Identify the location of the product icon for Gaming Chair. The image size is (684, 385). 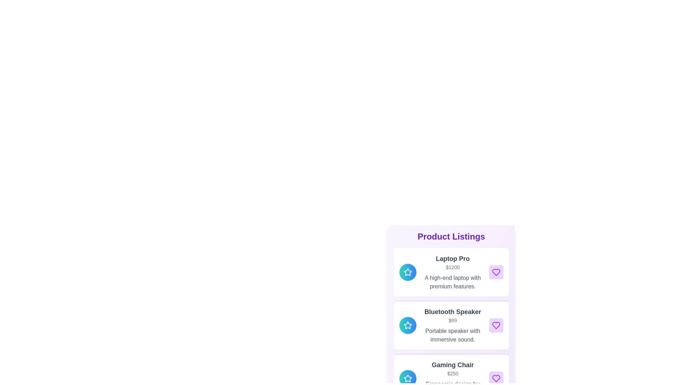
(408, 378).